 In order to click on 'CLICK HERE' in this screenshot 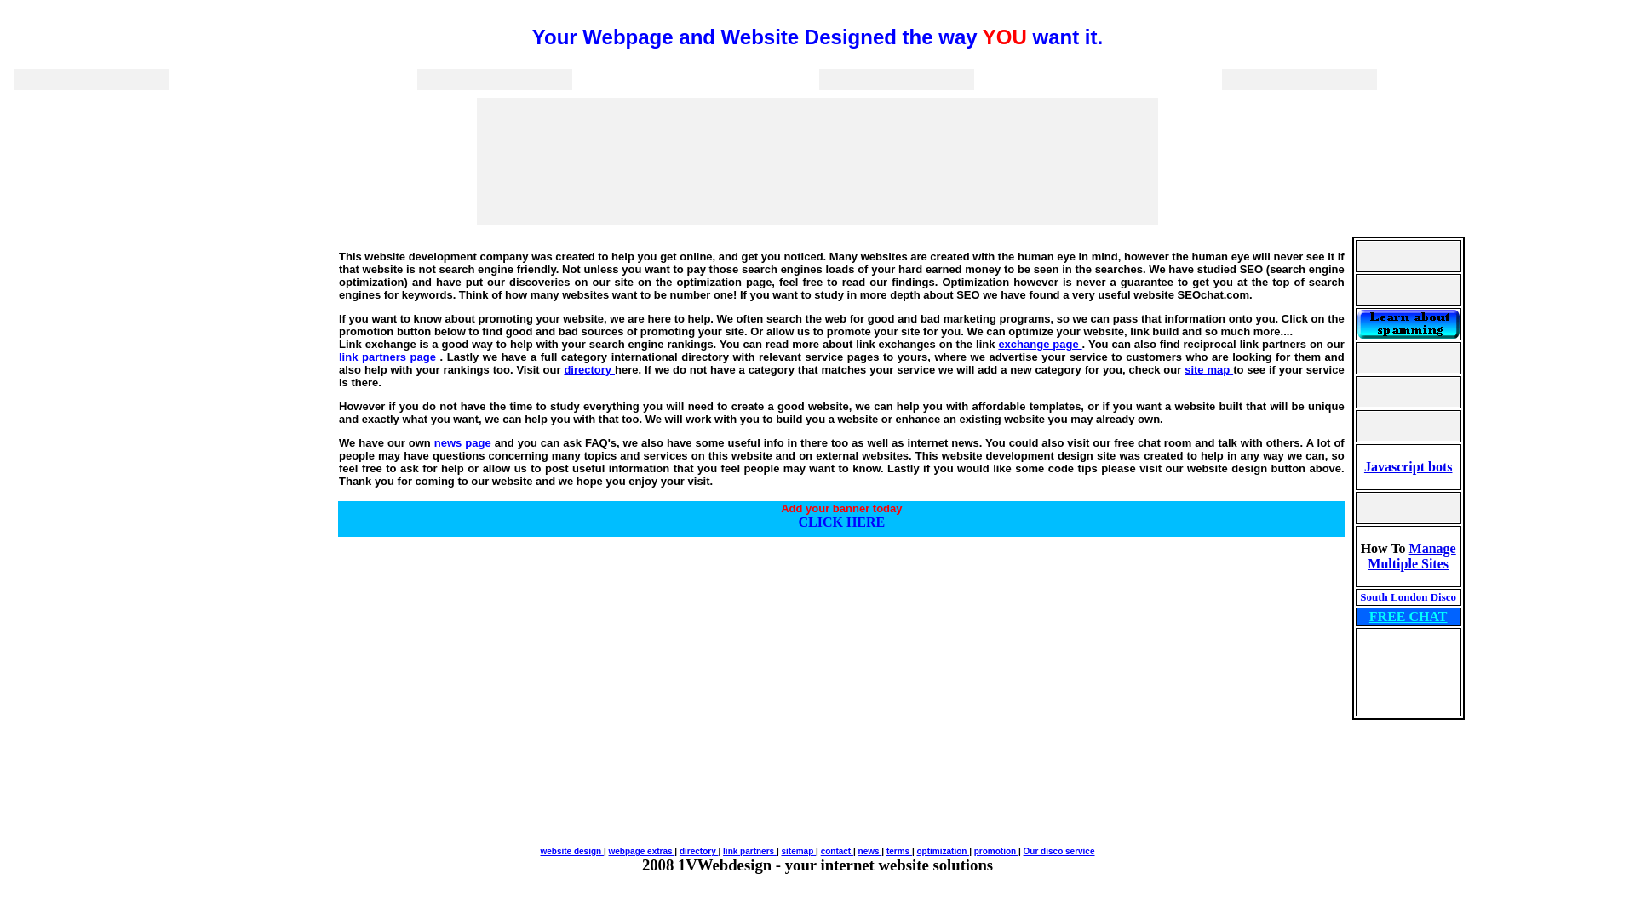, I will do `click(841, 521)`.